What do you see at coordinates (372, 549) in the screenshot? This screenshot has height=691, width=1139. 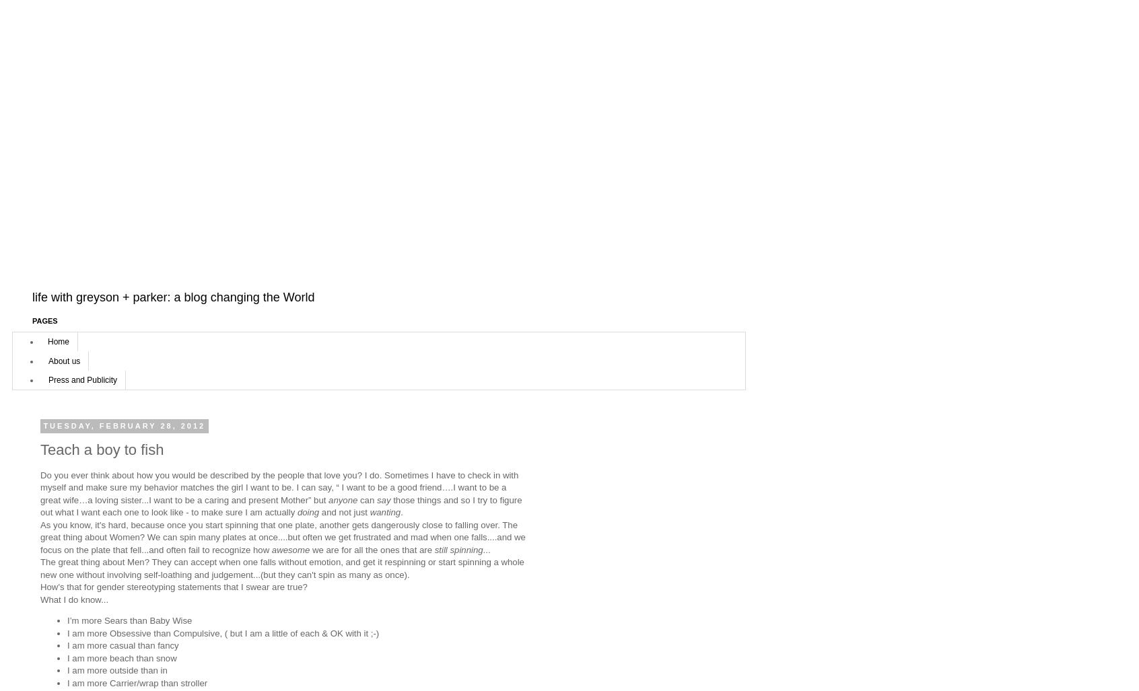 I see `'we are for all the ones that are'` at bounding box center [372, 549].